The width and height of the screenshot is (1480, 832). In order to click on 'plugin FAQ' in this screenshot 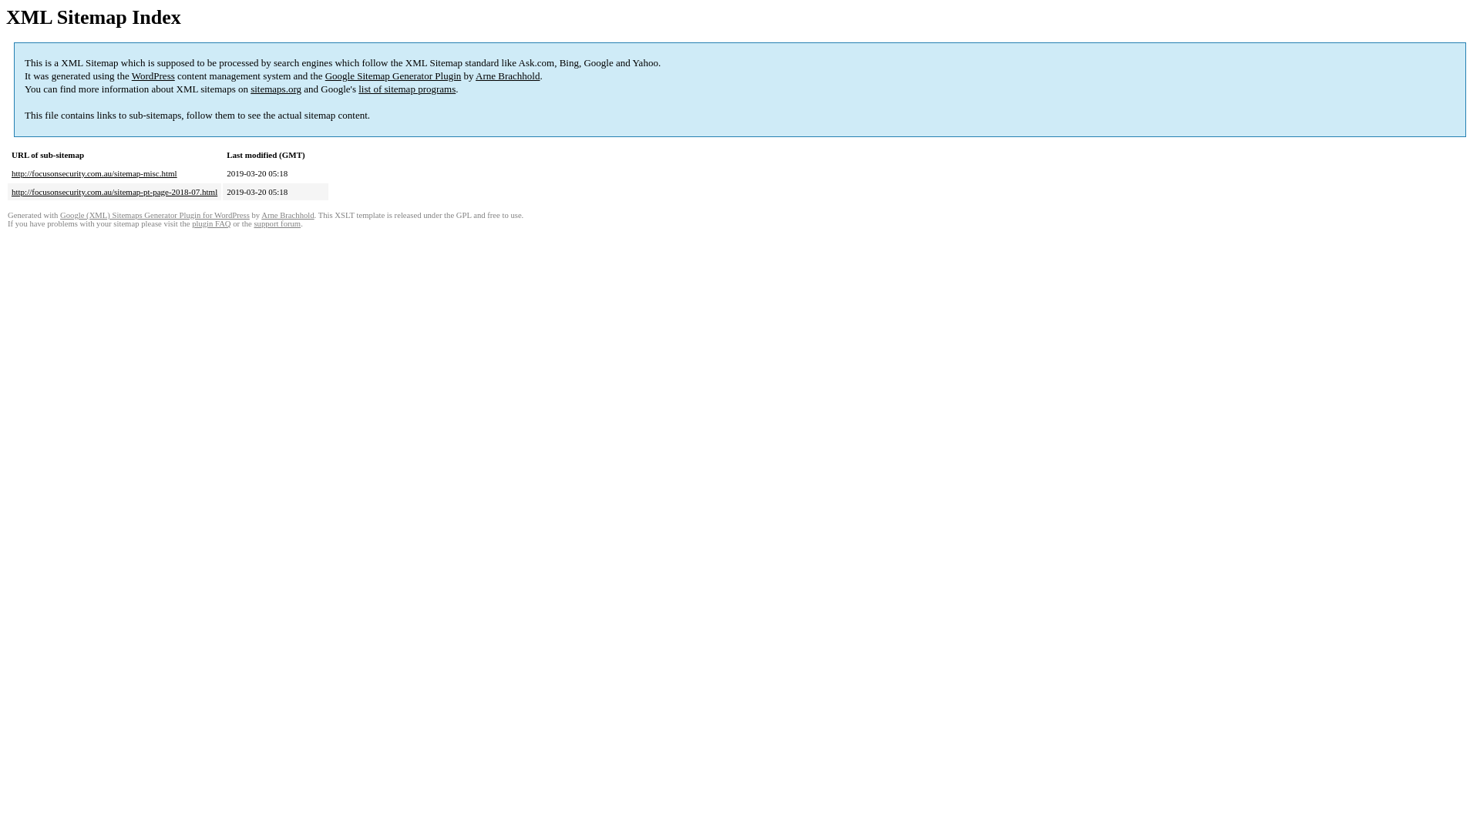, I will do `click(210, 223)`.